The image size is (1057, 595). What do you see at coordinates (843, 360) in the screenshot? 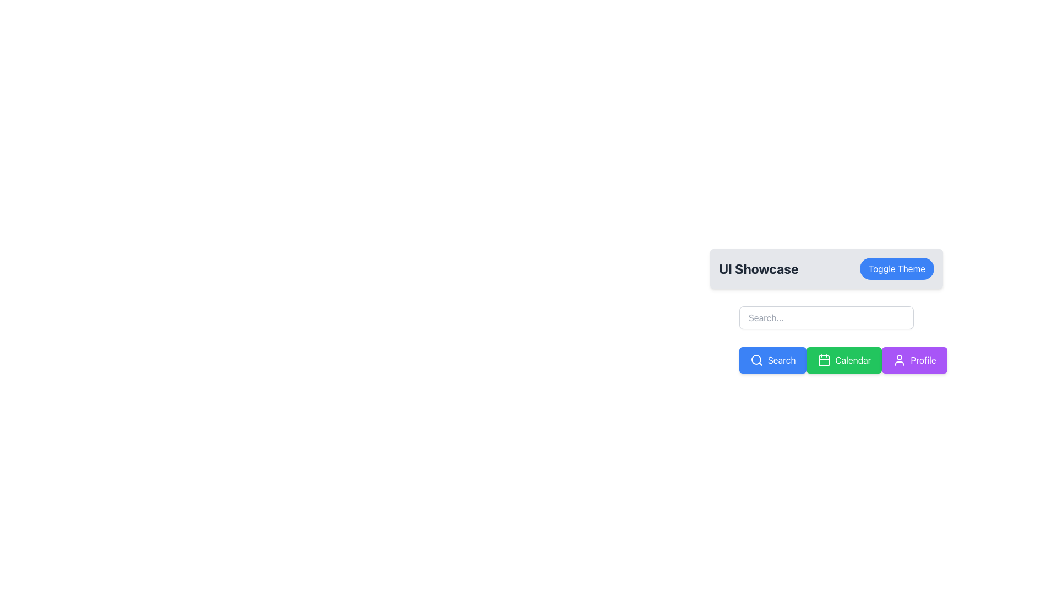
I see `the second button from the left, located between the 'Search' button and the 'Profile' button` at bounding box center [843, 360].